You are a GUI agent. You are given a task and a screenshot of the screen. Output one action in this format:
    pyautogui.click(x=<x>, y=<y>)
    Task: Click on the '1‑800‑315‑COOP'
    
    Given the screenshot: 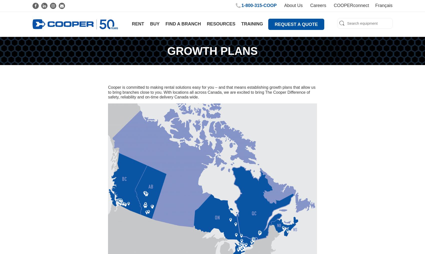 What is the action you would take?
    pyautogui.click(x=258, y=5)
    